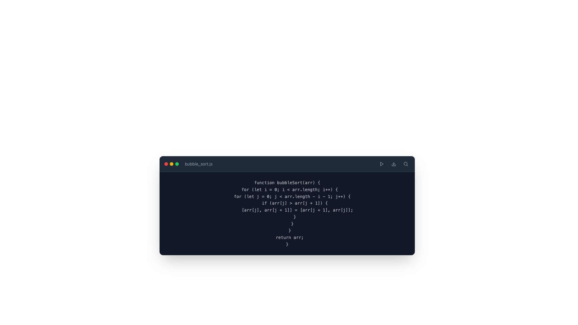 This screenshot has width=578, height=325. What do you see at coordinates (406, 164) in the screenshot?
I see `the magnifying glass icon button located at the top right corner of the code editor window` at bounding box center [406, 164].